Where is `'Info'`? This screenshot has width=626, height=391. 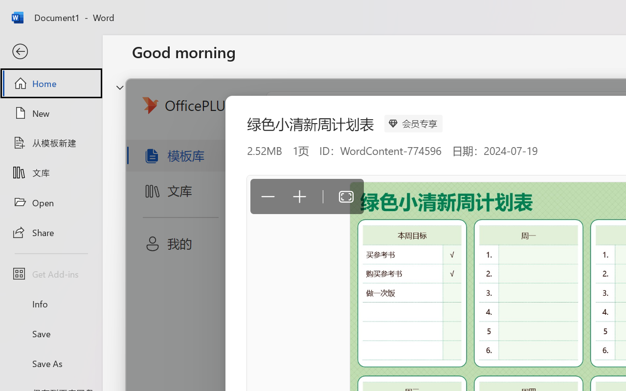
'Info' is located at coordinates (50, 304).